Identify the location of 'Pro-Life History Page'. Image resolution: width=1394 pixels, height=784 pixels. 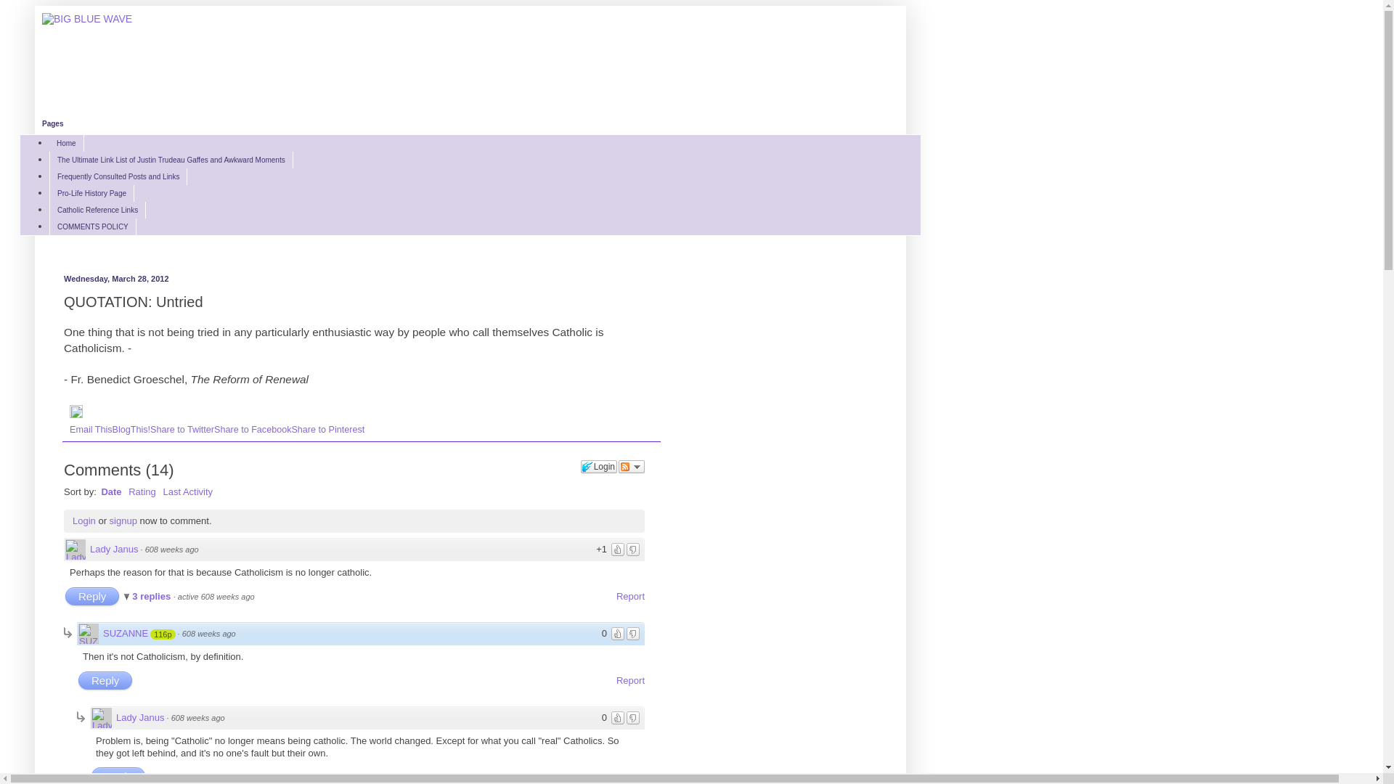
(91, 192).